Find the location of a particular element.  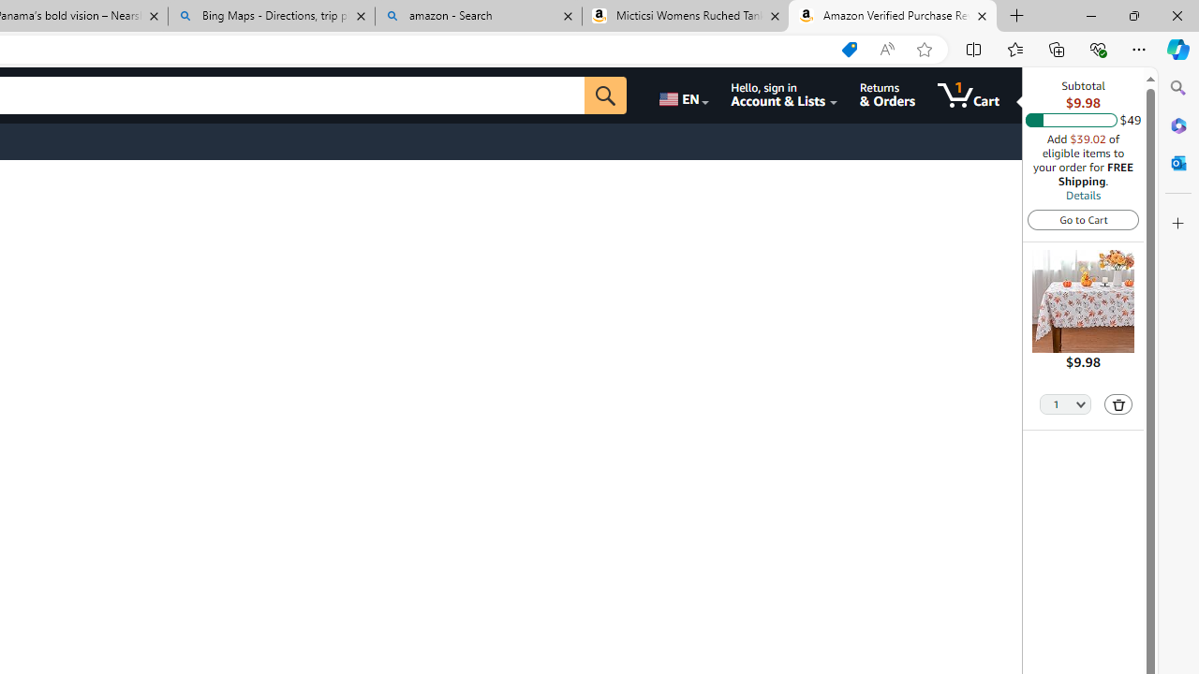

'Returns & Orders' is located at coordinates (886, 95).